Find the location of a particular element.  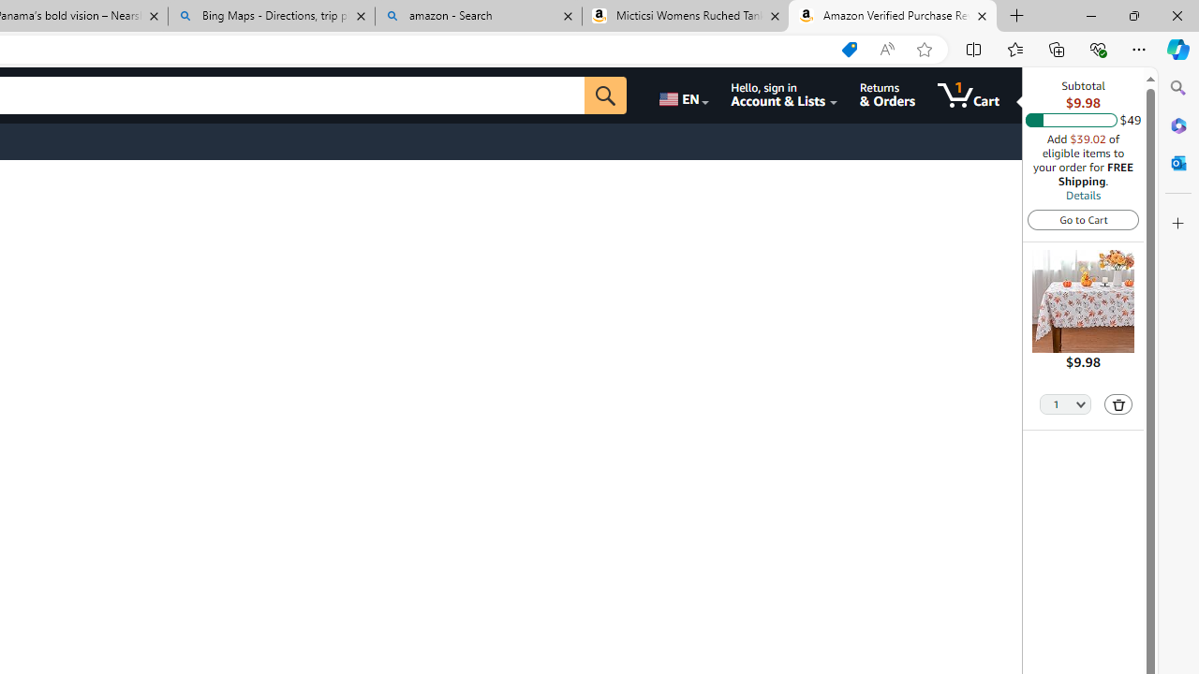

'Returns & Orders' is located at coordinates (886, 95).